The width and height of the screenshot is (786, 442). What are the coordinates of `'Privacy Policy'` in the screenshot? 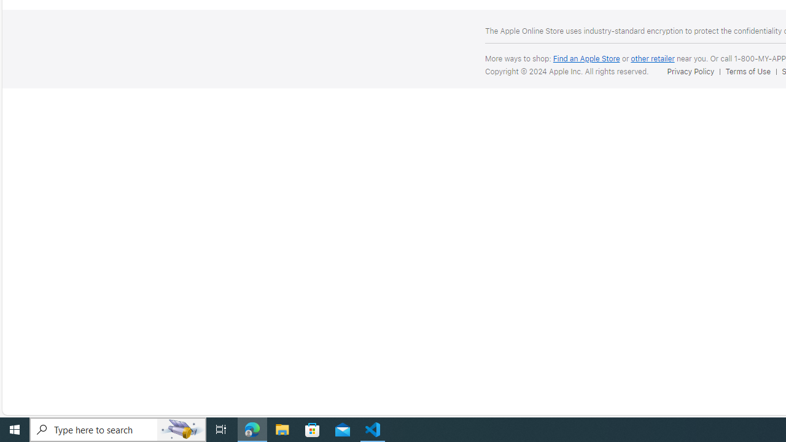 It's located at (690, 71).